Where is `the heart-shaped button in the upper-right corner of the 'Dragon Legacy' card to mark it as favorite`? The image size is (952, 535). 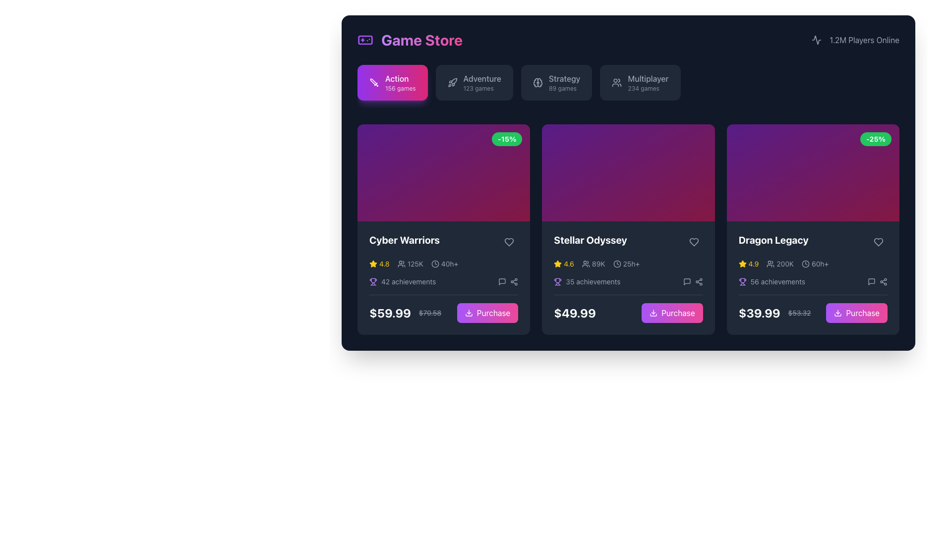 the heart-shaped button in the upper-right corner of the 'Dragon Legacy' card to mark it as favorite is located at coordinates (878, 242).